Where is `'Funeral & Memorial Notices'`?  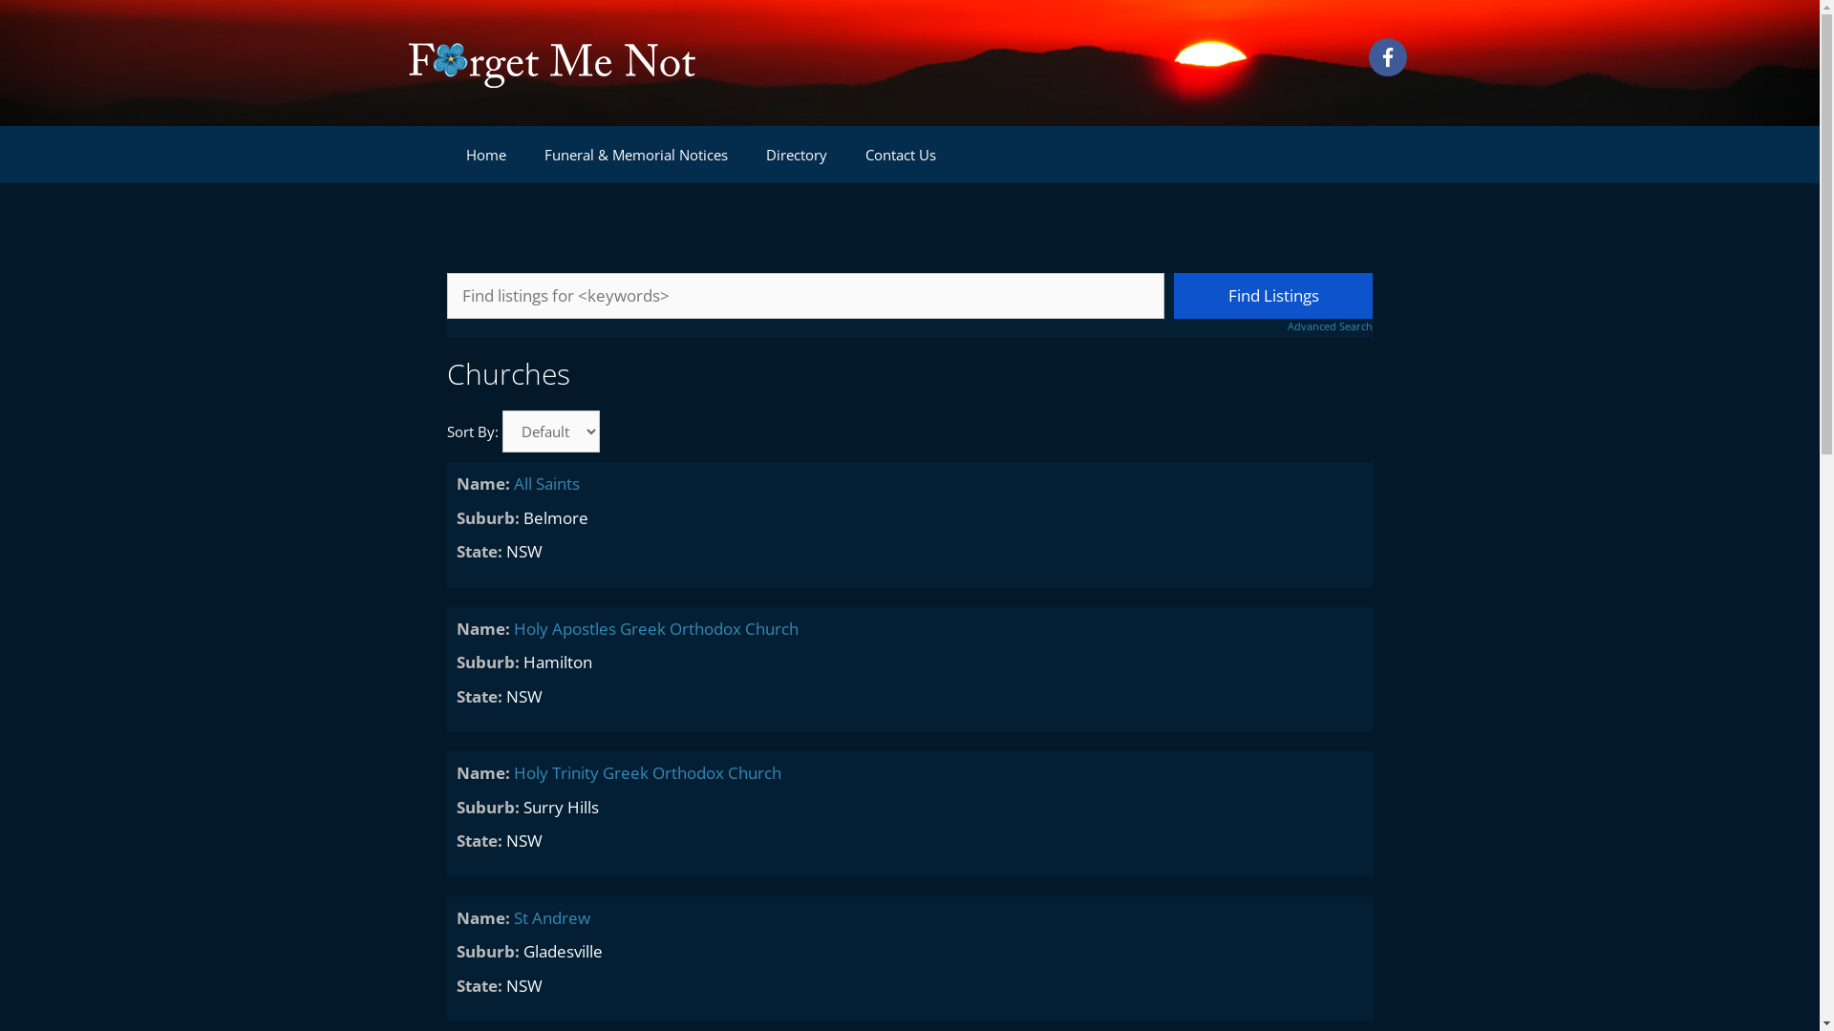 'Funeral & Memorial Notices' is located at coordinates (525, 154).